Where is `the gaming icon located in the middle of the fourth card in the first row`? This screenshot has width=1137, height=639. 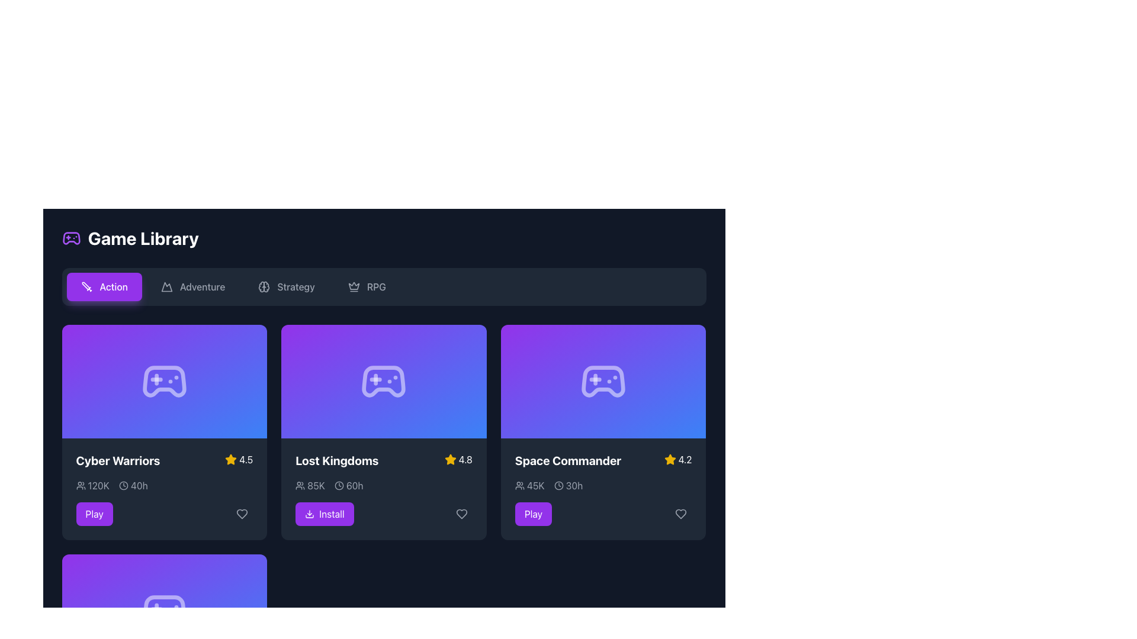 the gaming icon located in the middle of the fourth card in the first row is located at coordinates (163, 611).